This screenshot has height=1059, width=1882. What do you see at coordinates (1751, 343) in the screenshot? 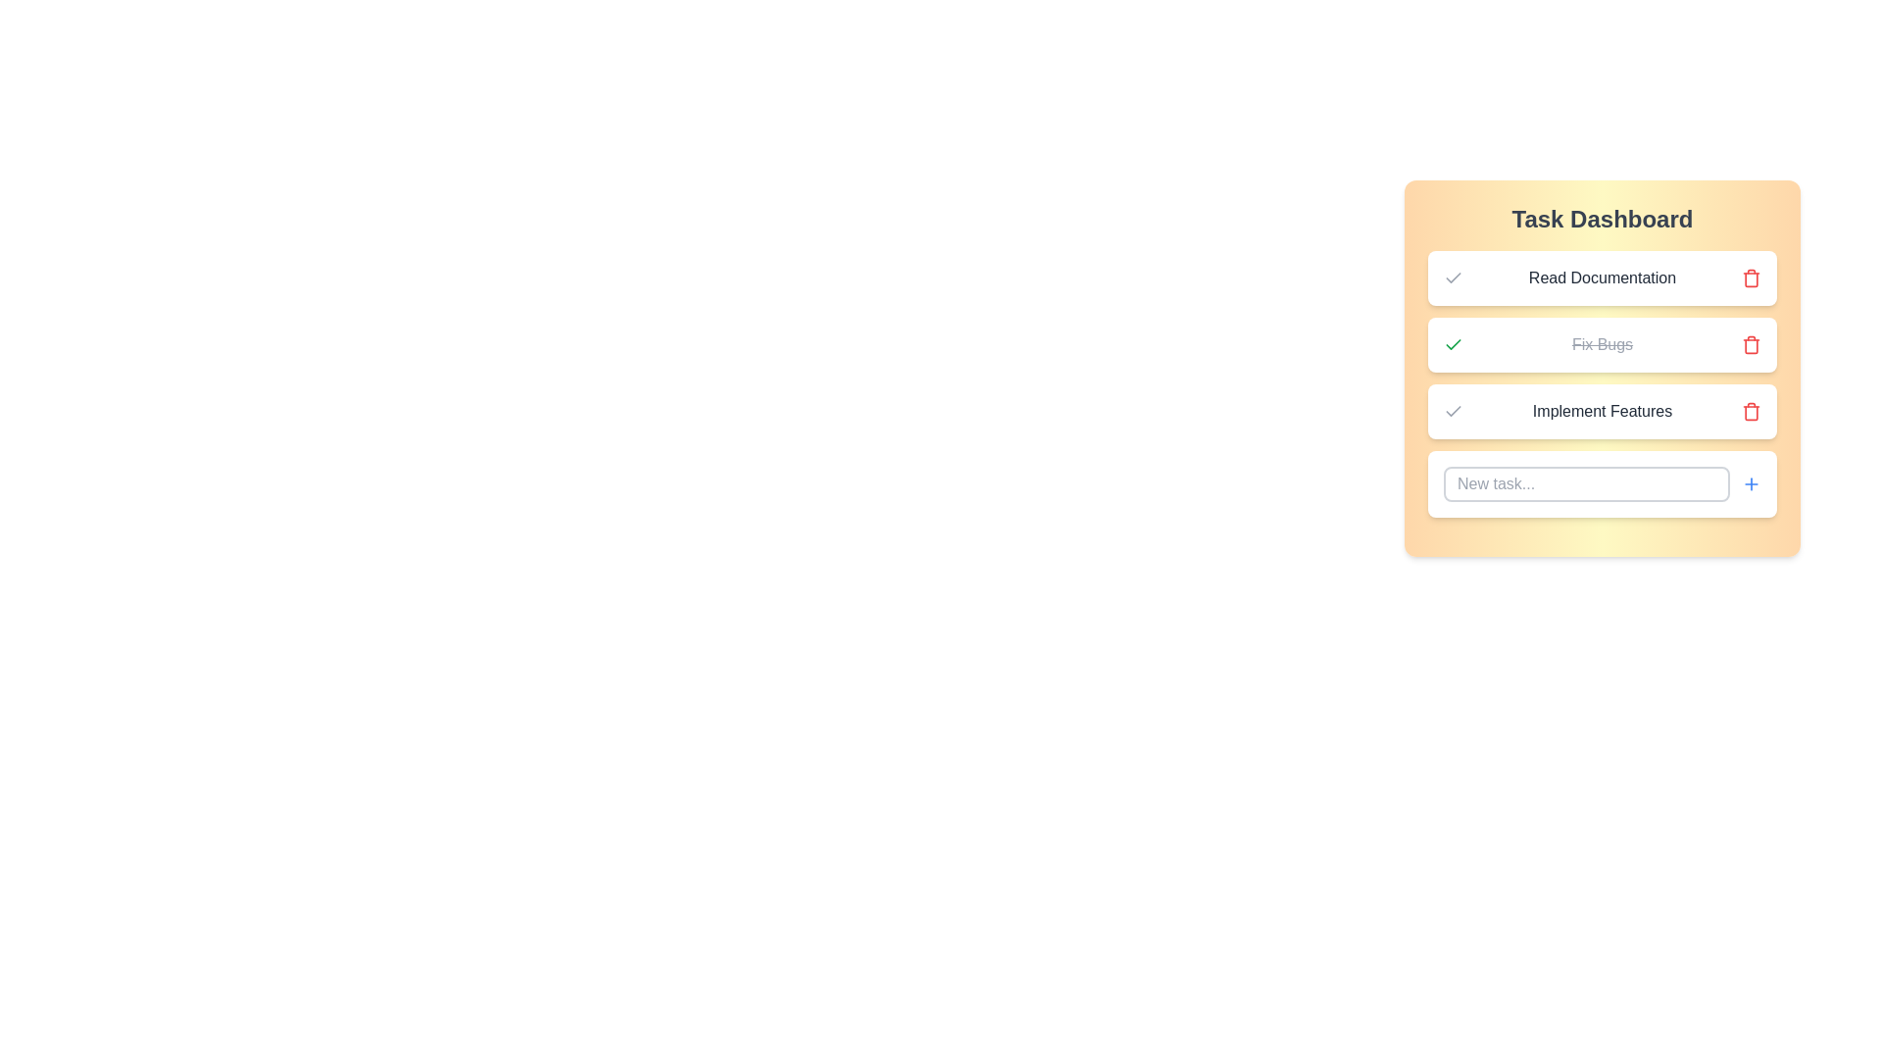
I see `the 'Trash' button of the task identified by Fix Bugs to remove it` at bounding box center [1751, 343].